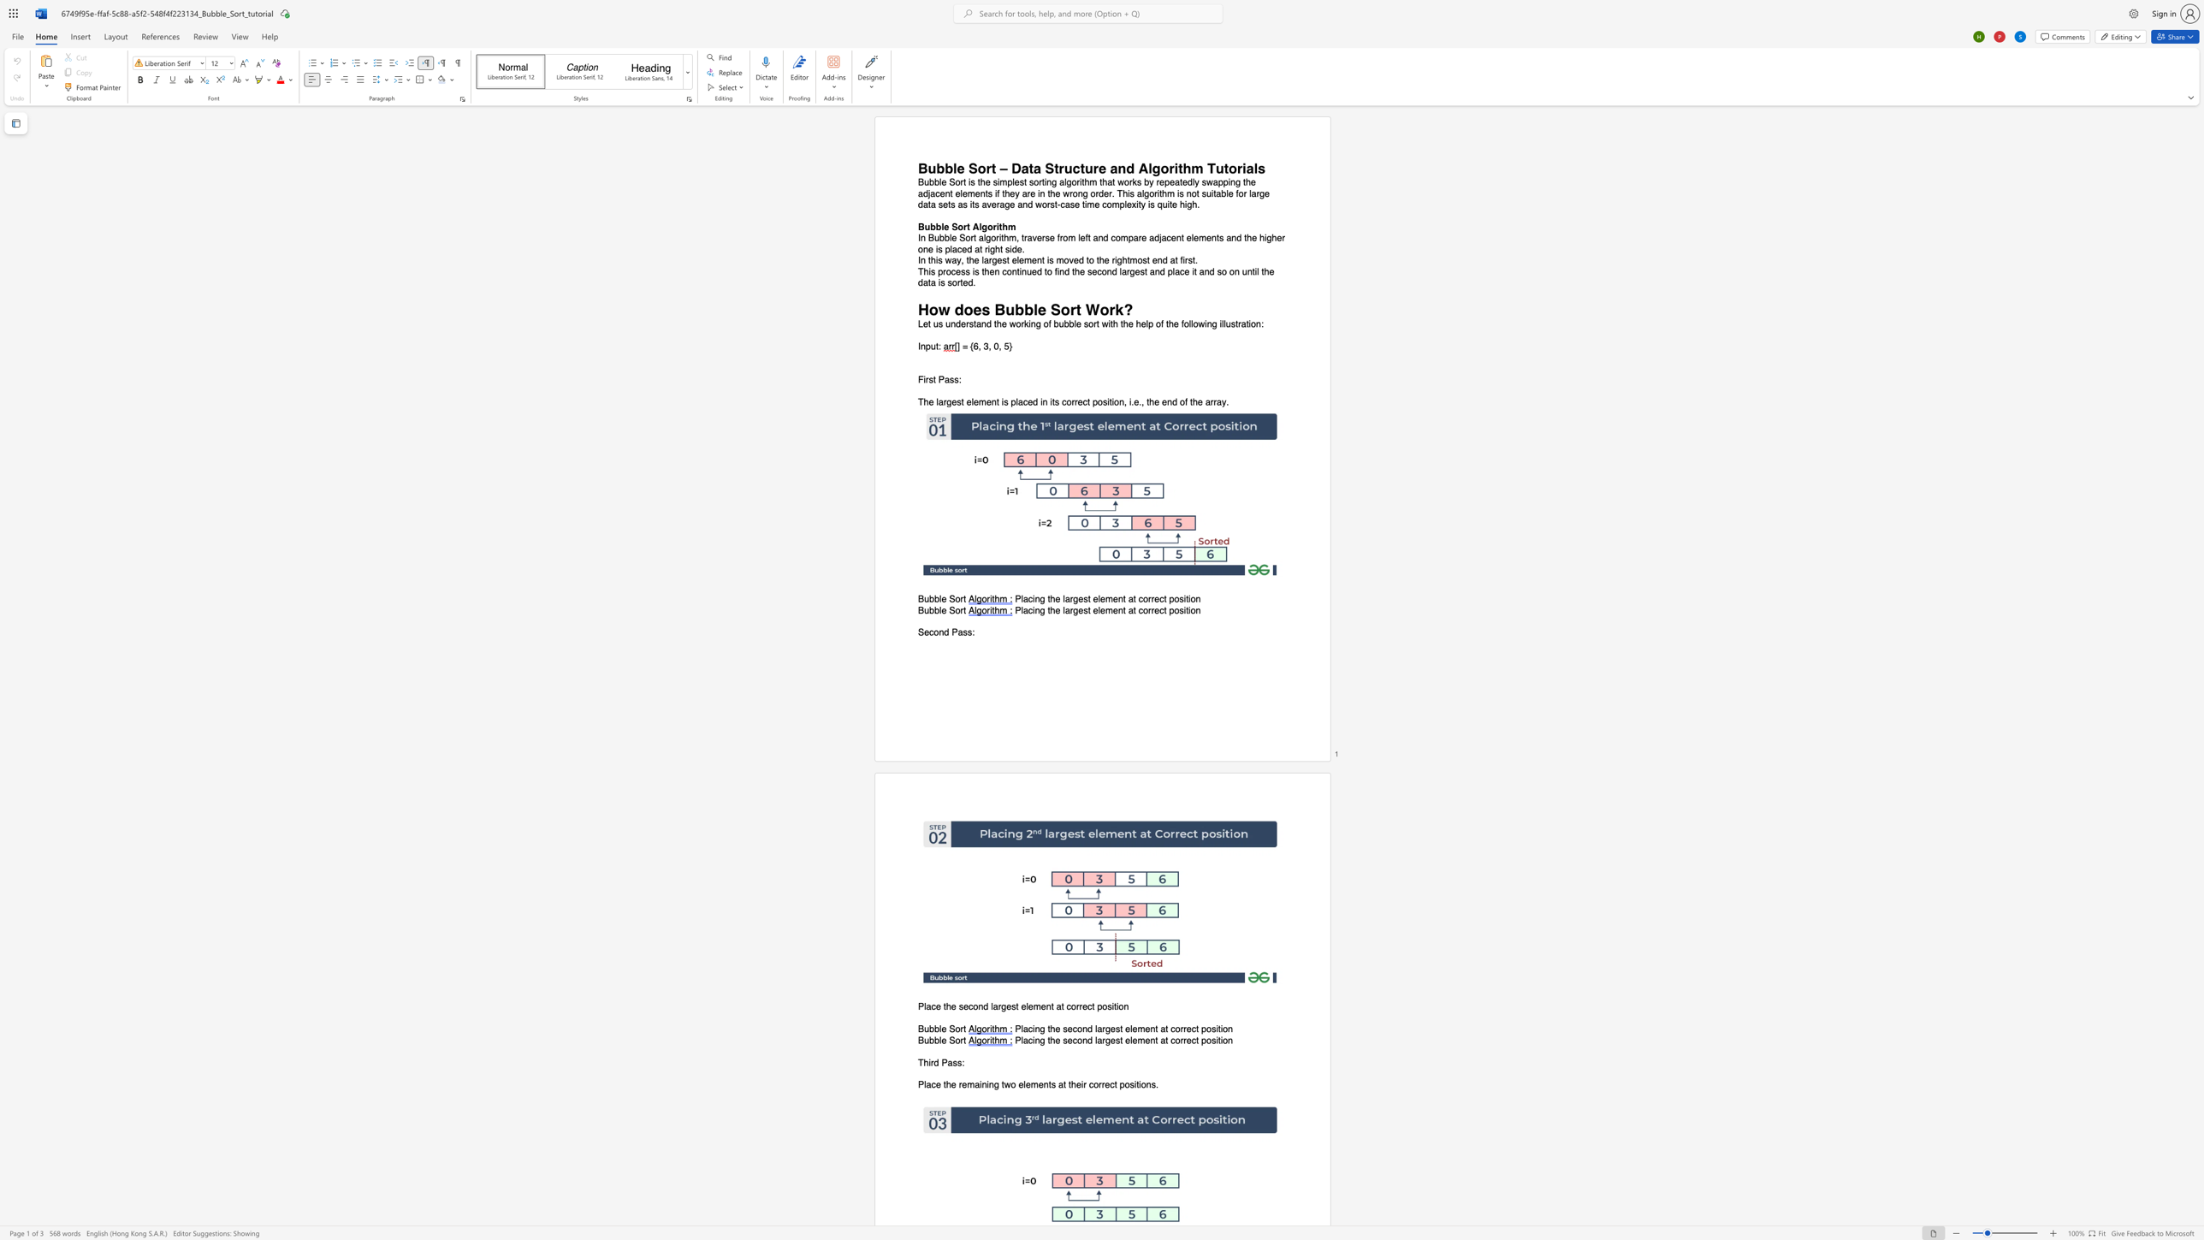 The width and height of the screenshot is (2204, 1240). What do you see at coordinates (1099, 609) in the screenshot?
I see `the space between the continuous character "l" and "e" in the text` at bounding box center [1099, 609].